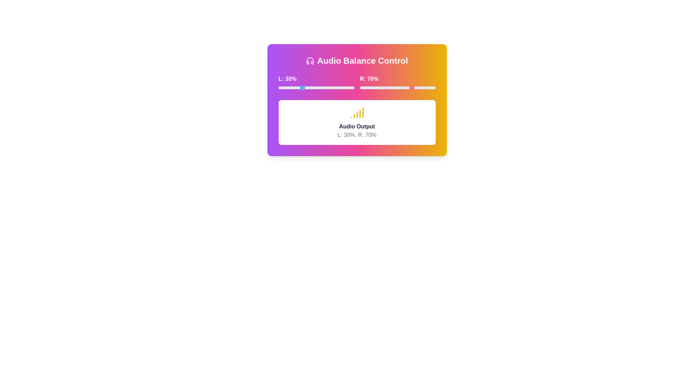  I want to click on the right volume slider to 23%, so click(377, 87).